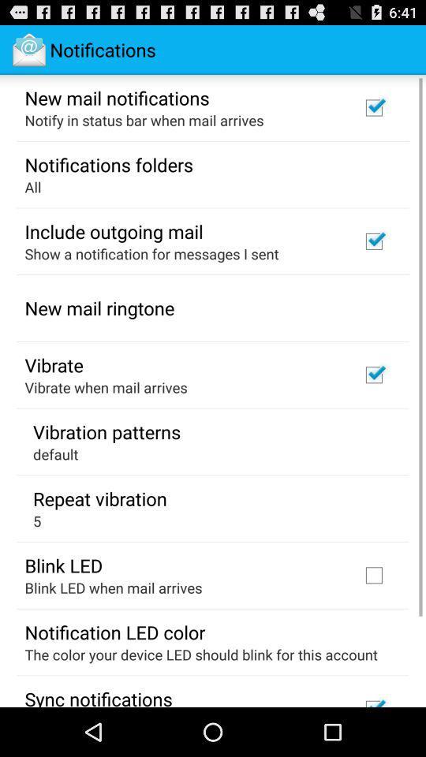  What do you see at coordinates (113, 230) in the screenshot?
I see `the app above the show a notification item` at bounding box center [113, 230].